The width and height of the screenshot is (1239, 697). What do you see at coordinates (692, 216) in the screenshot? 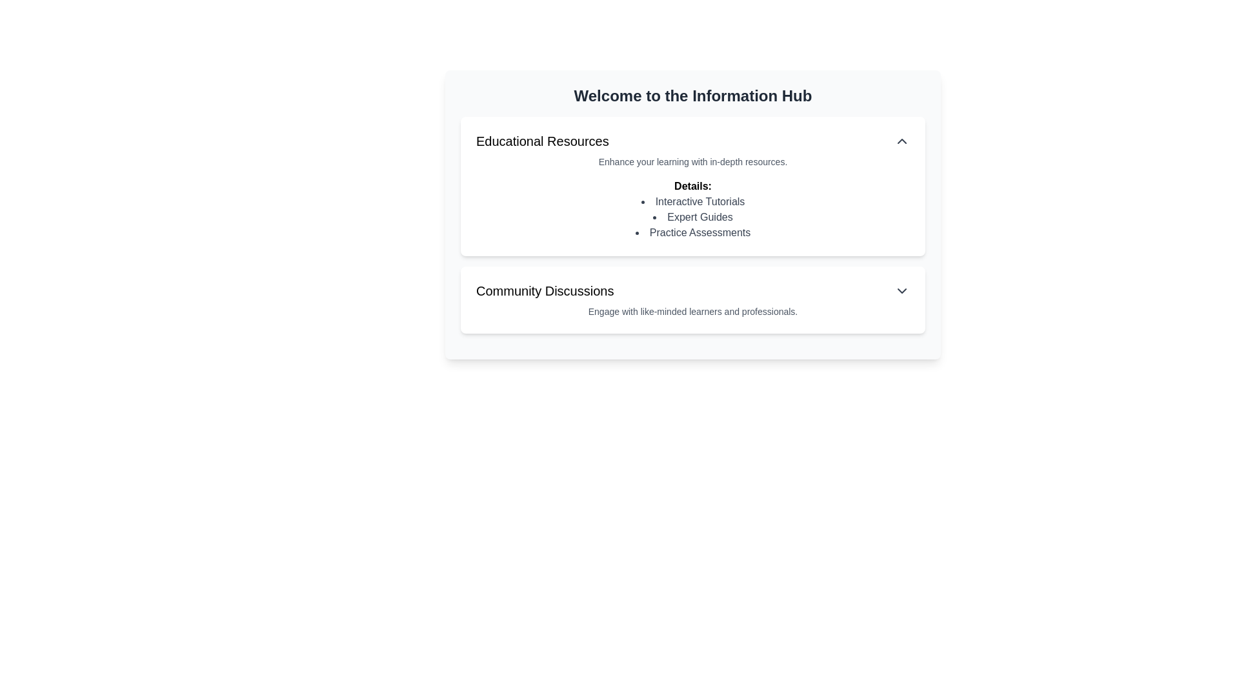
I see `the static text element labeled 'Expert Guides', which is the second item in the 'Educational Resources' section under 'Details'` at bounding box center [692, 216].